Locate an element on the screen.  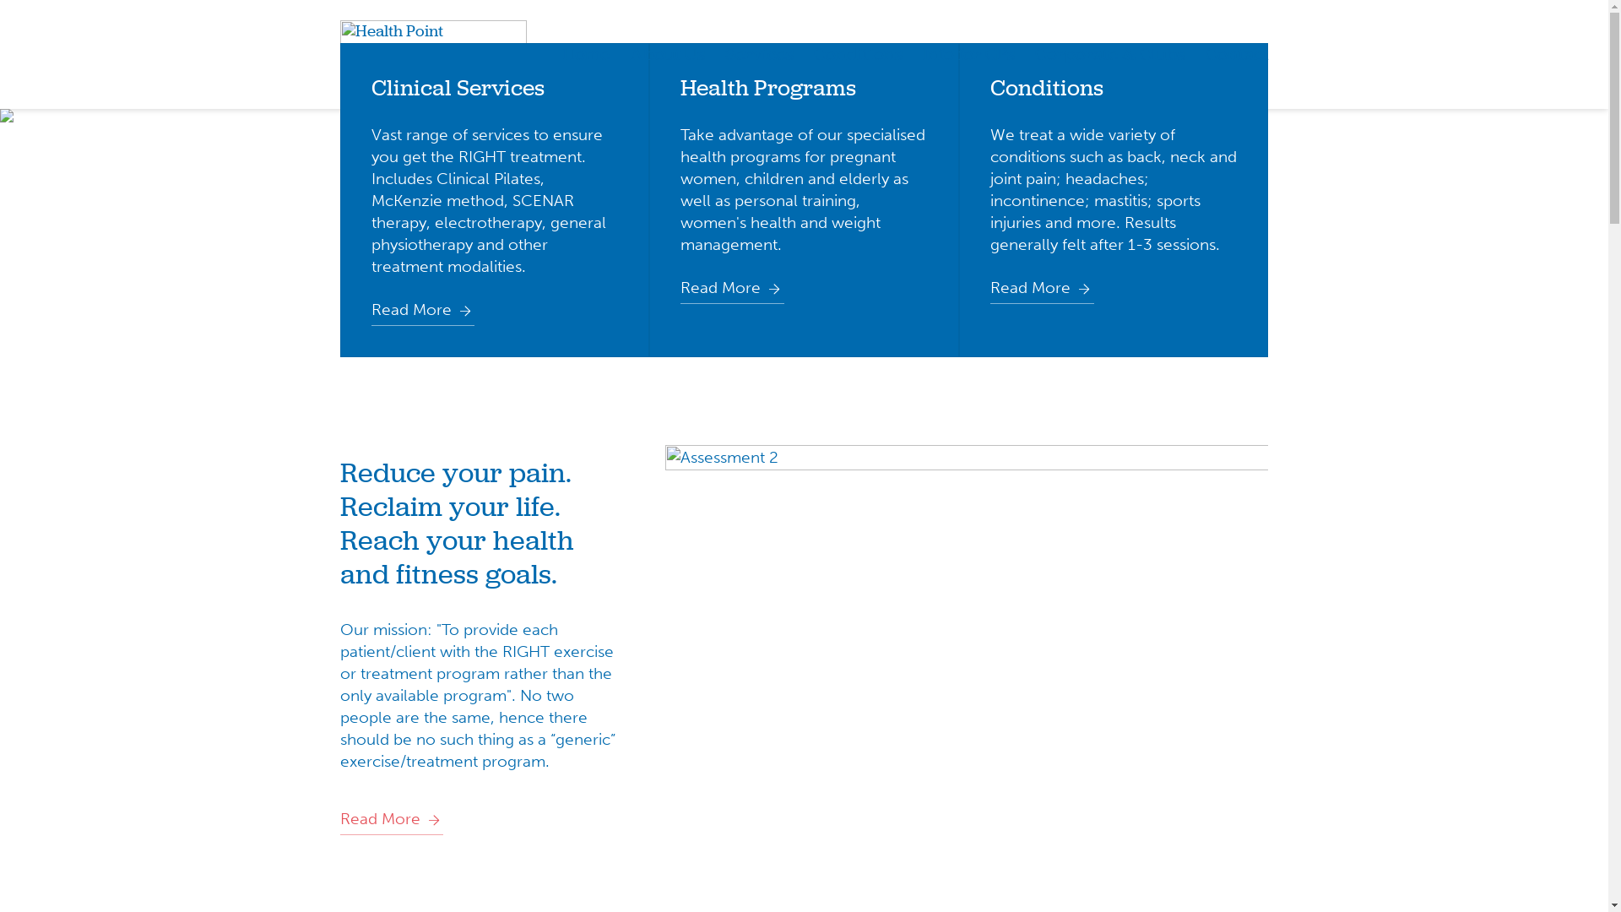
'Read More' is located at coordinates (1041, 286).